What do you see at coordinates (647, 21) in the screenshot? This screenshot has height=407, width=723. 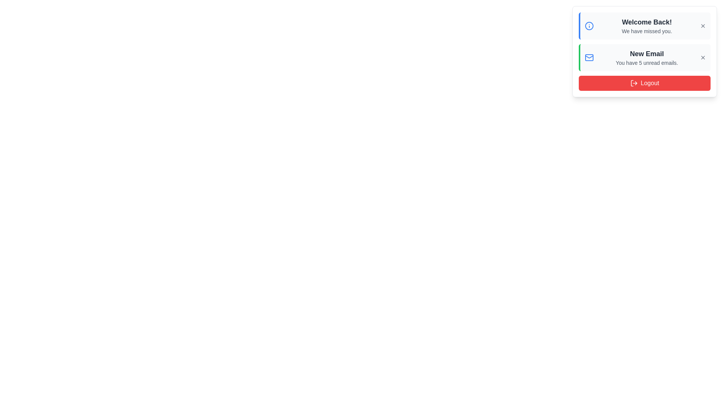 I see `the text label that says 'Welcome Back!' styled in bold and large font, located at the top of the card-like section on the right side of the interface` at bounding box center [647, 21].